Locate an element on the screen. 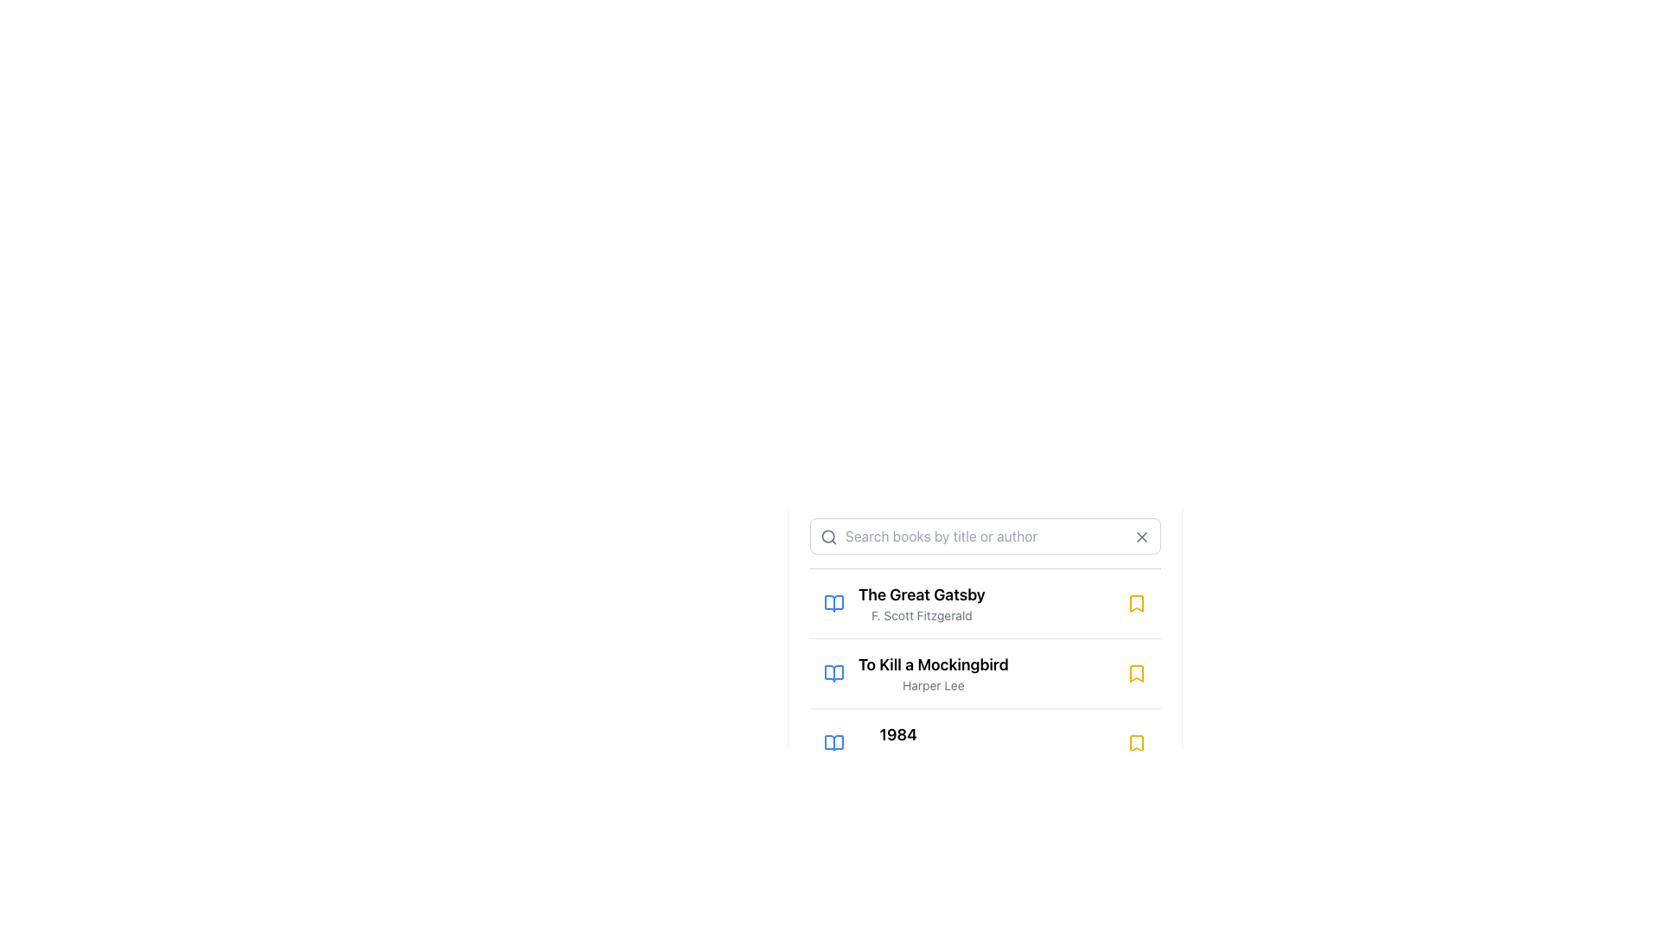 This screenshot has height=933, width=1660. the text label displaying the title '1984', which is located within the book titles section of the list, positioned centrally below 'To Kill a Mockingbird' is located at coordinates (898, 735).